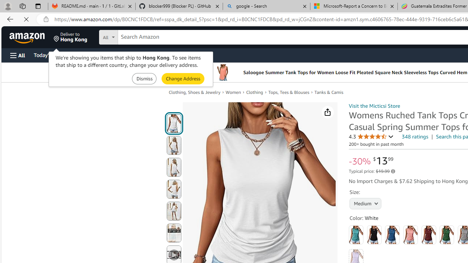  Describe the element at coordinates (331, 92) in the screenshot. I see `'Tanks & Camis'` at that location.